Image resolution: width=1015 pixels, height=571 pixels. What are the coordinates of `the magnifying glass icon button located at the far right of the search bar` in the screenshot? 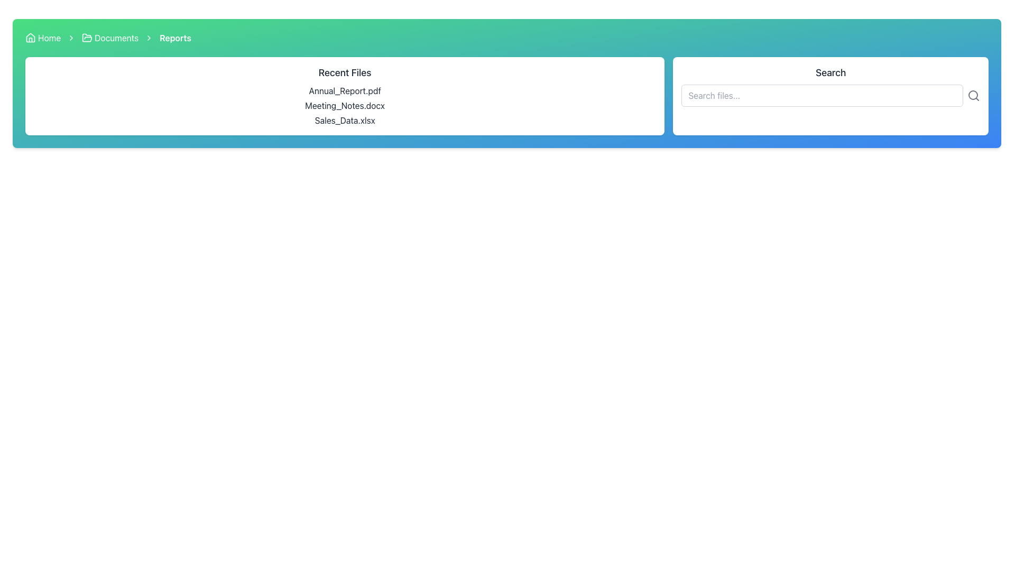 It's located at (973, 96).